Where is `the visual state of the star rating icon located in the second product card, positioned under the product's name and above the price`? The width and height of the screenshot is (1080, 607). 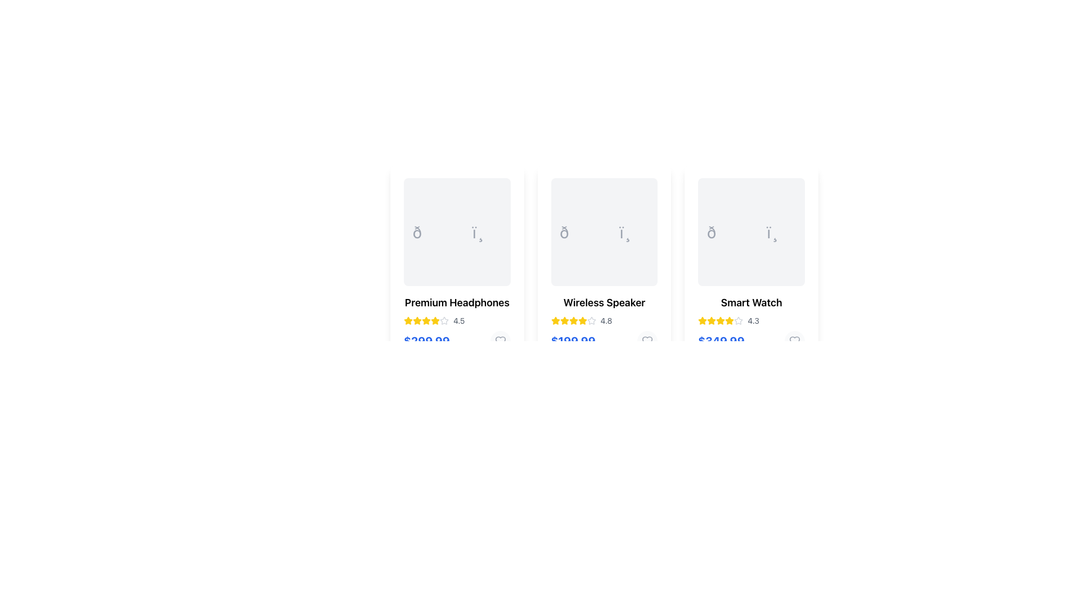 the visual state of the star rating icon located in the second product card, positioned under the product's name and above the price is located at coordinates (573, 320).